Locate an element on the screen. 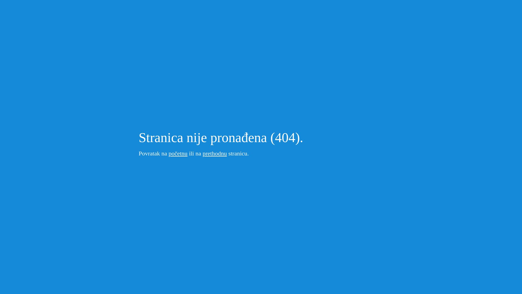 Image resolution: width=522 pixels, height=294 pixels. 'prethodnu' is located at coordinates (214, 153).